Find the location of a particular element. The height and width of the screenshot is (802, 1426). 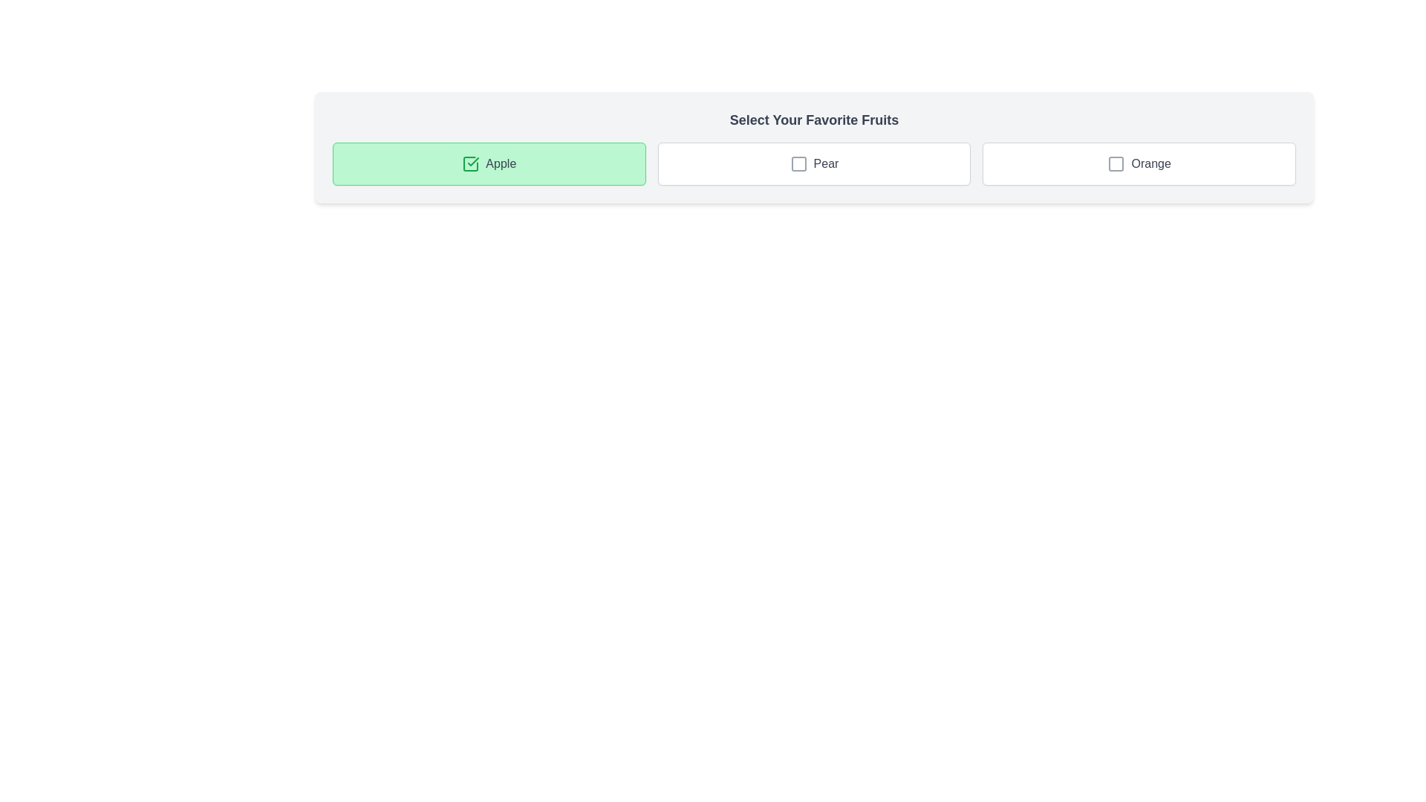

the checkbox with a square icon styled with a simple outline and rounded corners, located within the card labeled 'Orange' is located at coordinates (1116, 163).